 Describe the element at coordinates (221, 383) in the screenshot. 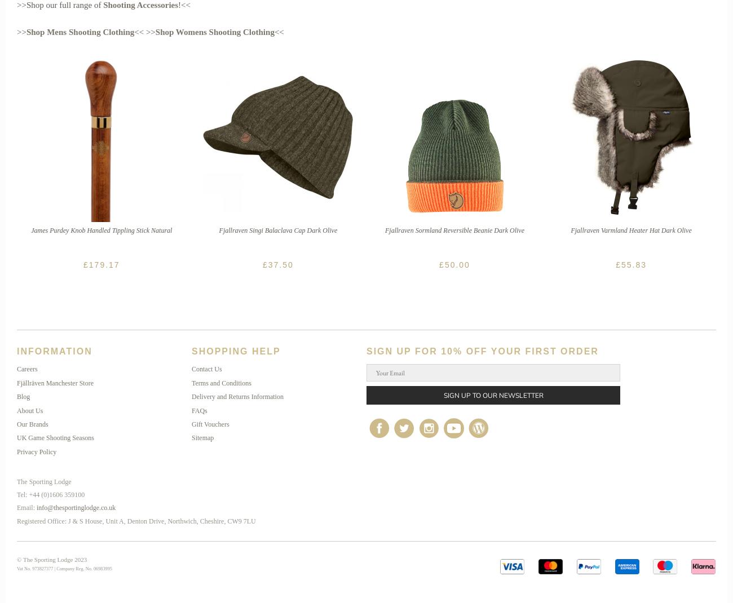

I see `'Terms and Conditions'` at that location.